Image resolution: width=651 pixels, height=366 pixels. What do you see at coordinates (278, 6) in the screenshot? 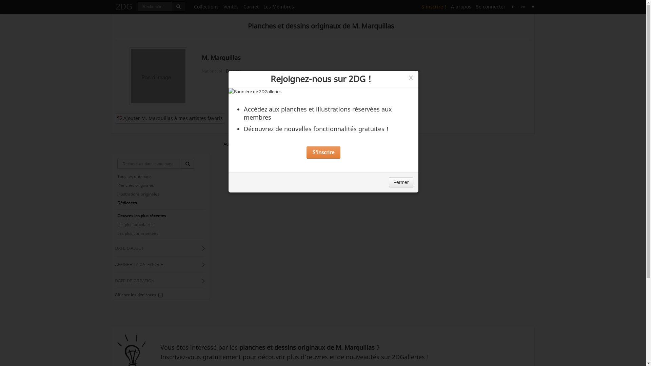
I see `'Les Membres'` at bounding box center [278, 6].